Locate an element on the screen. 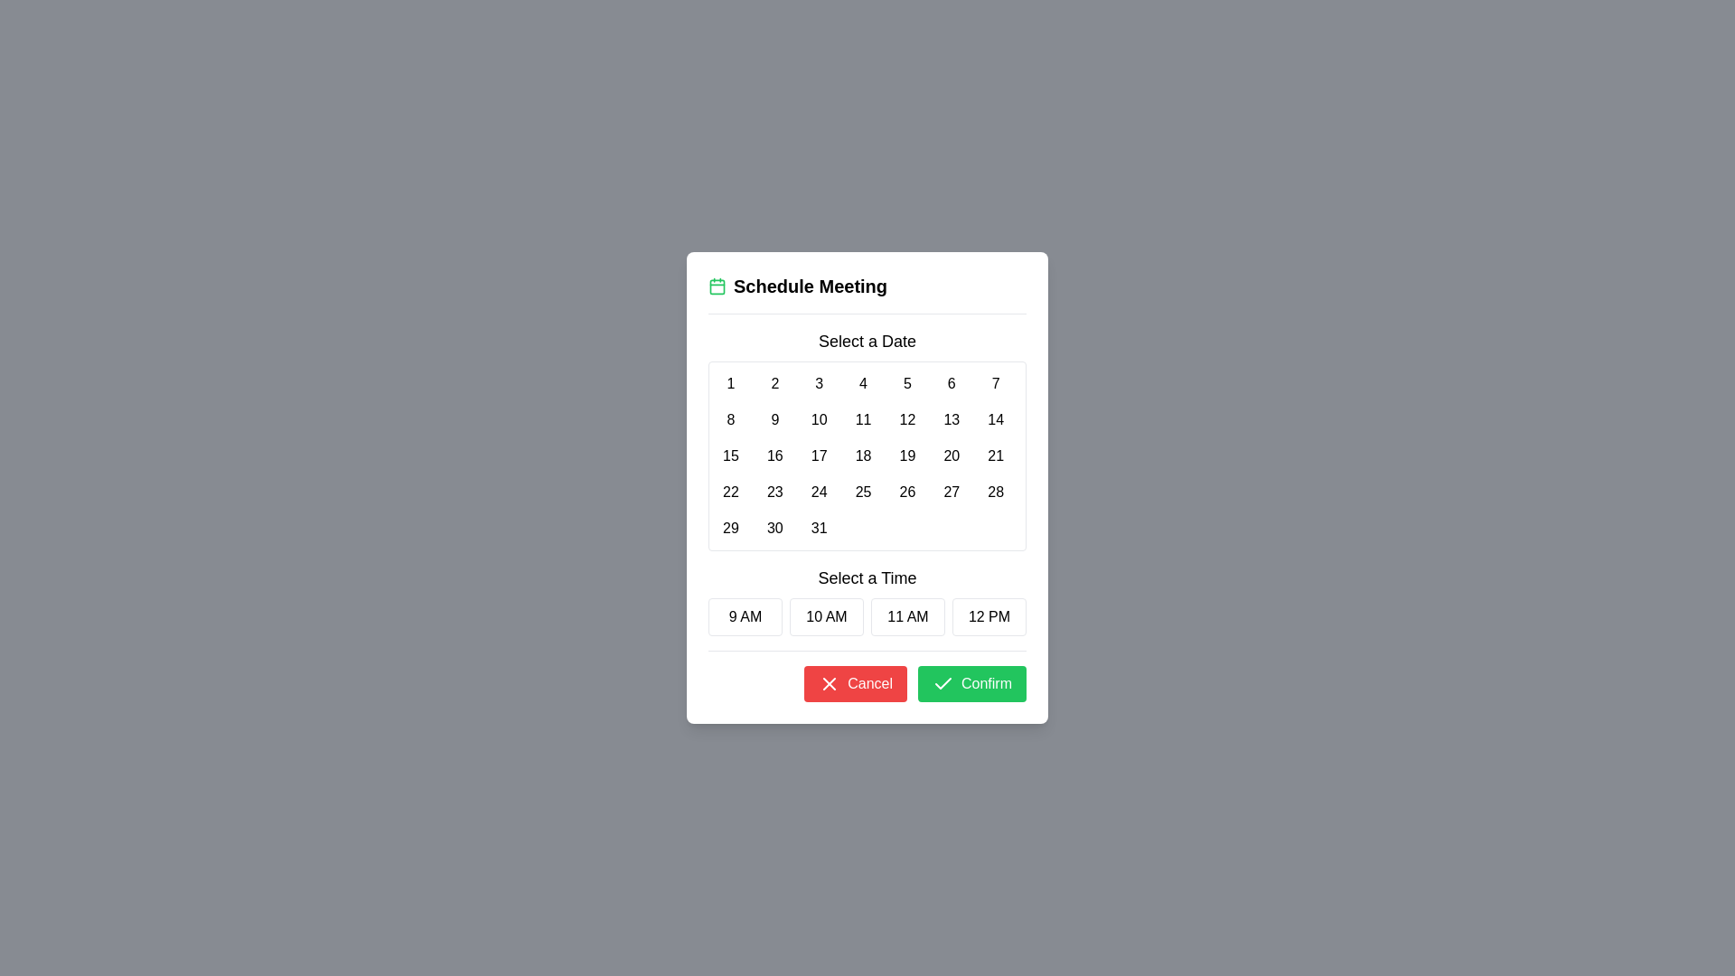 This screenshot has width=1735, height=976. the button displaying the number '30' in the calendar interface is located at coordinates (774, 529).